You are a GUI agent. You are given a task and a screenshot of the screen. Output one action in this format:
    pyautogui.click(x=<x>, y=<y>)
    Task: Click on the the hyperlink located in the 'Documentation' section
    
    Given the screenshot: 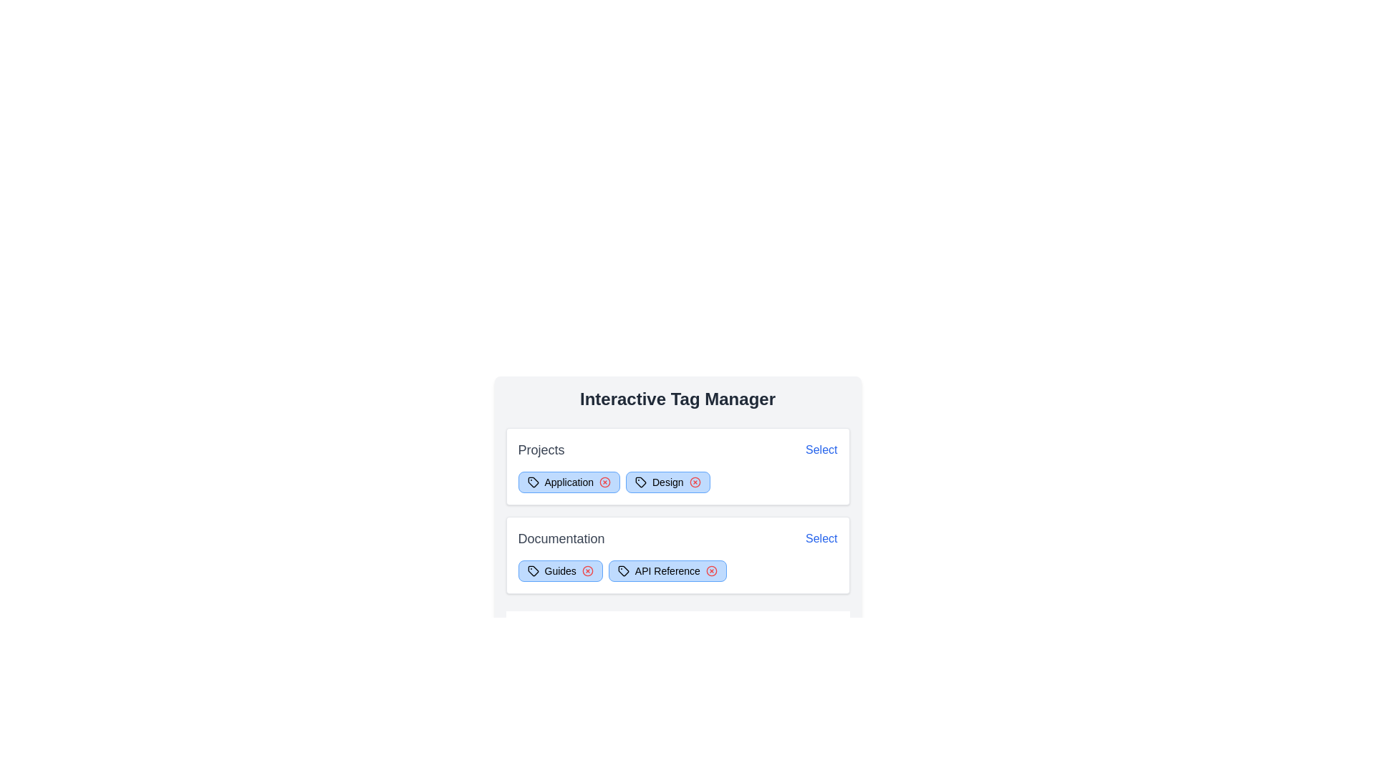 What is the action you would take?
    pyautogui.click(x=821, y=538)
    